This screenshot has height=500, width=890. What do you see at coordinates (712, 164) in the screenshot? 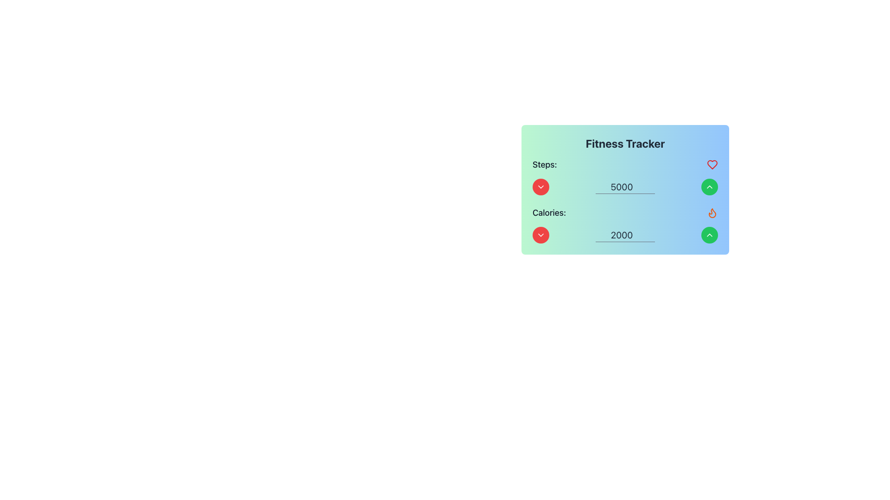
I see `the heart-shaped icon located to the right of the label 'Steps:' to like or favorite the associated category` at bounding box center [712, 164].